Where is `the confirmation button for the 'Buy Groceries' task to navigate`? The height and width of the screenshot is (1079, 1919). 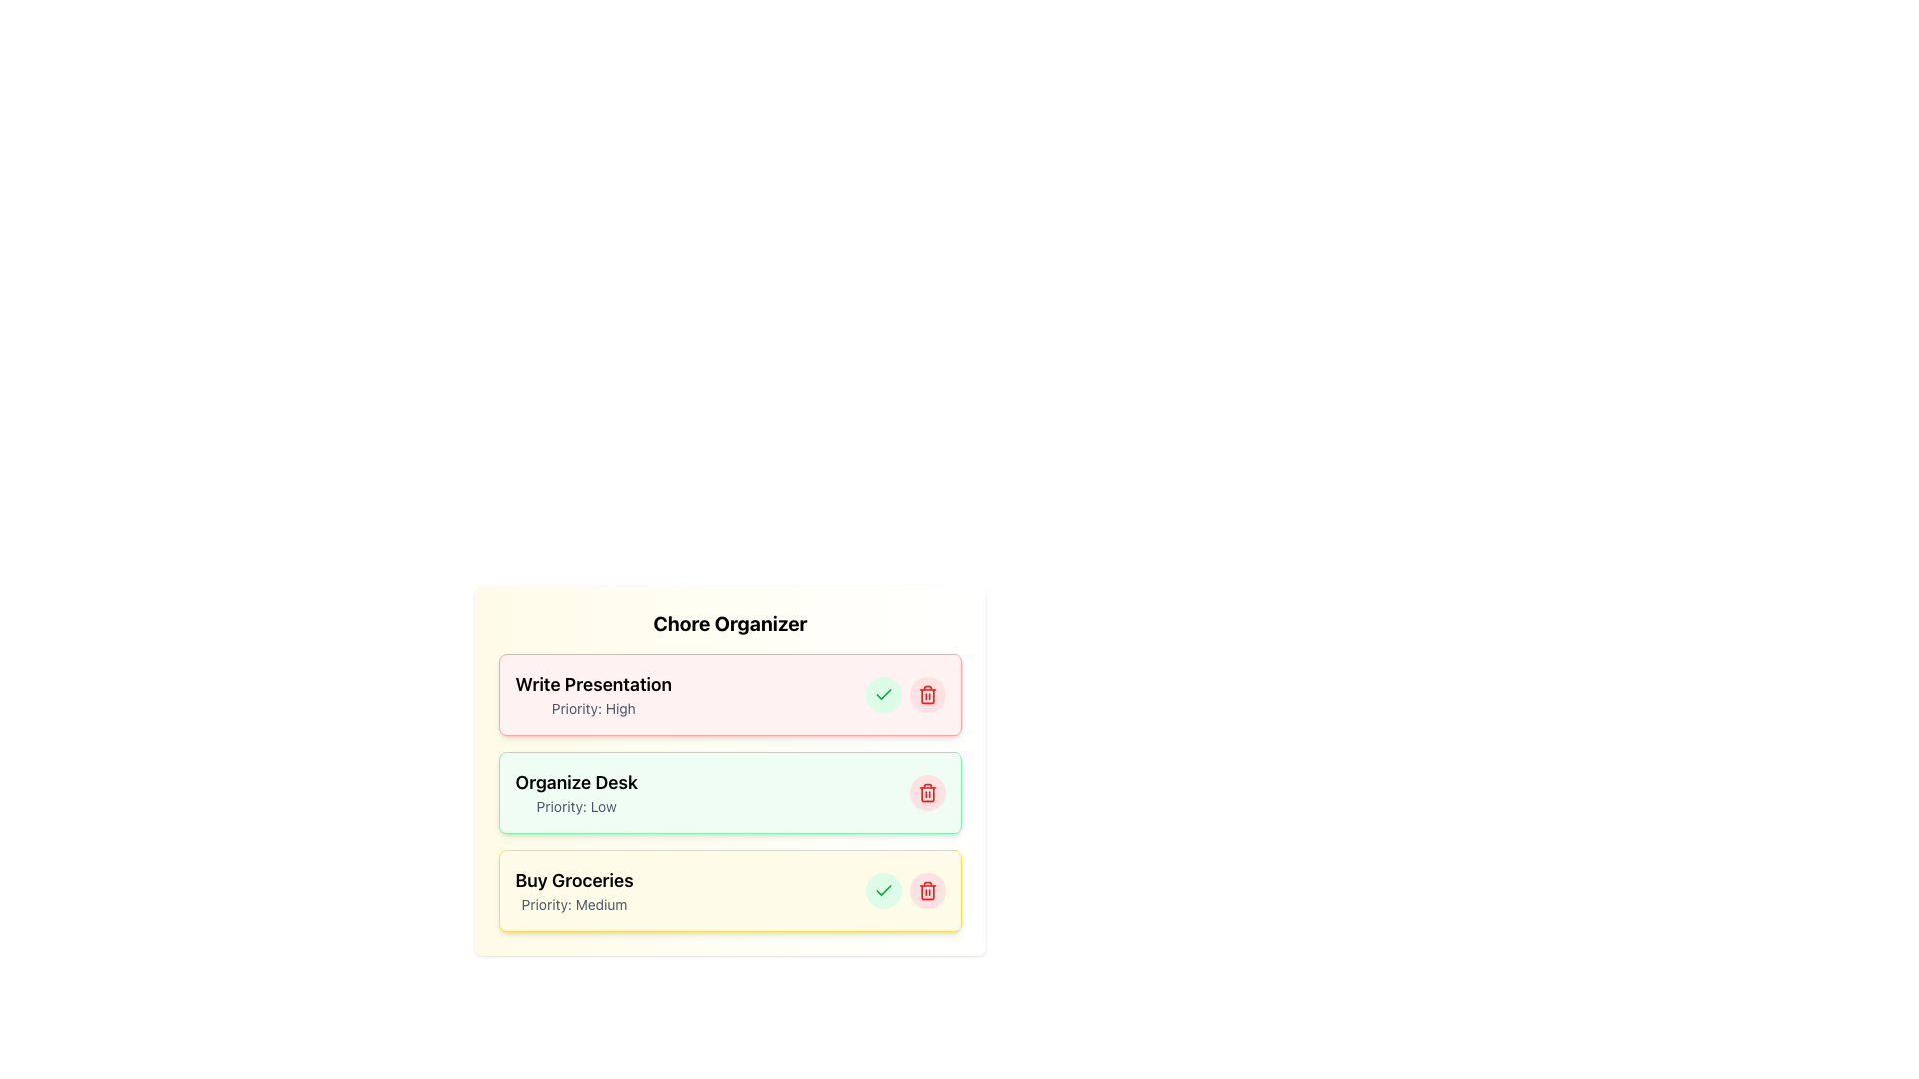
the confirmation button for the 'Buy Groceries' task to navigate is located at coordinates (882, 889).